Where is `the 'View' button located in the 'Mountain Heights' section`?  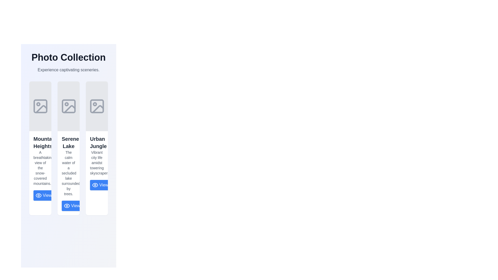 the 'View' button located in the 'Mountain Heights' section is located at coordinates (40, 195).